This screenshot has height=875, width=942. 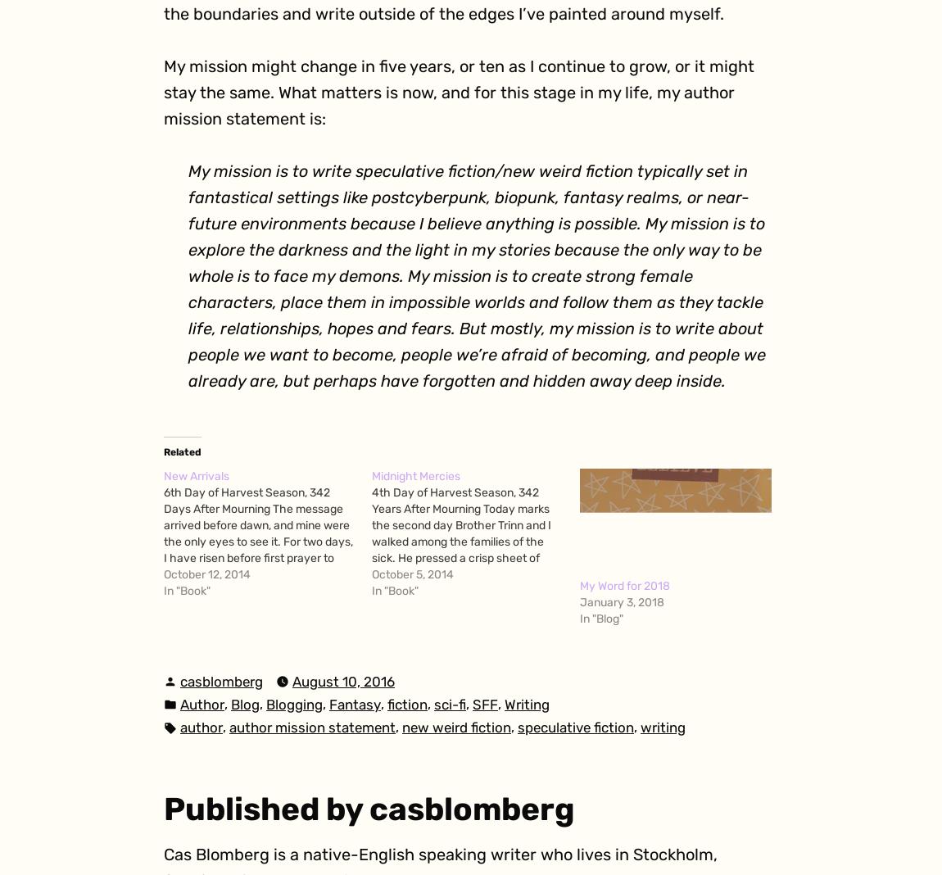 I want to click on 'August 10, 2016', so click(x=343, y=680).